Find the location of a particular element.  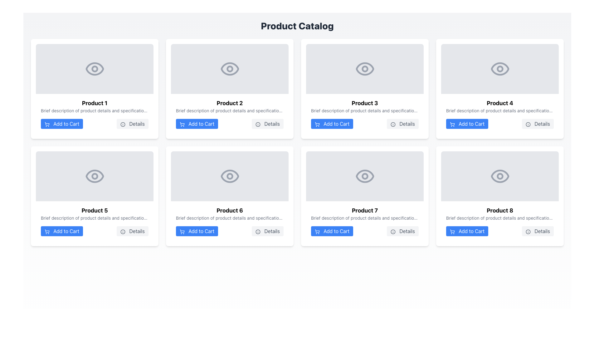

the eye icon located at the center of the 'Product 2' card is located at coordinates (229, 69).